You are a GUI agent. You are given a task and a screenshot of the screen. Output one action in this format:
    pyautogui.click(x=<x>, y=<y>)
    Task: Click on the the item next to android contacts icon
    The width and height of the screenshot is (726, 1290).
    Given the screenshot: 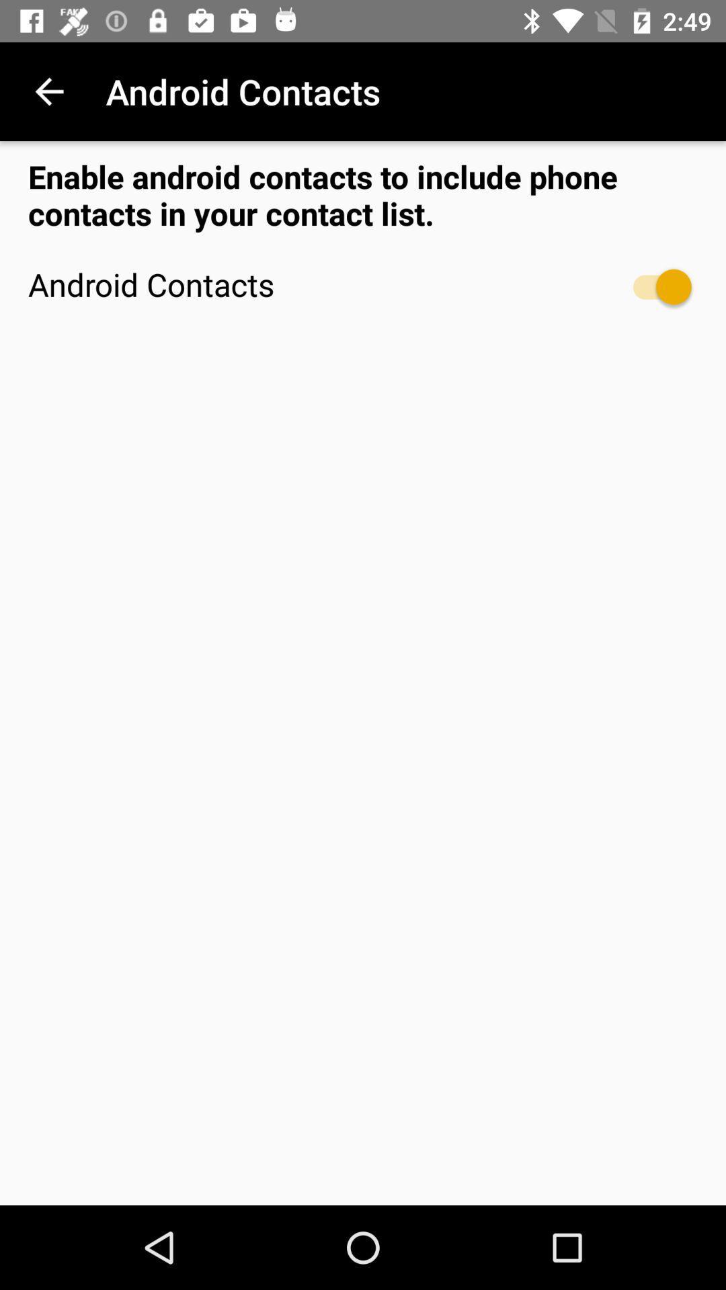 What is the action you would take?
    pyautogui.click(x=48, y=91)
    